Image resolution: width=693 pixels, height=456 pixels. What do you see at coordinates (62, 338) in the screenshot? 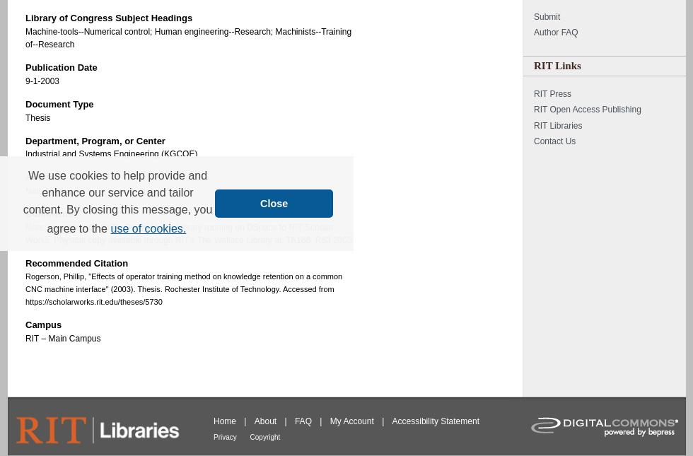
I see `'RIT – Main Campus'` at bounding box center [62, 338].